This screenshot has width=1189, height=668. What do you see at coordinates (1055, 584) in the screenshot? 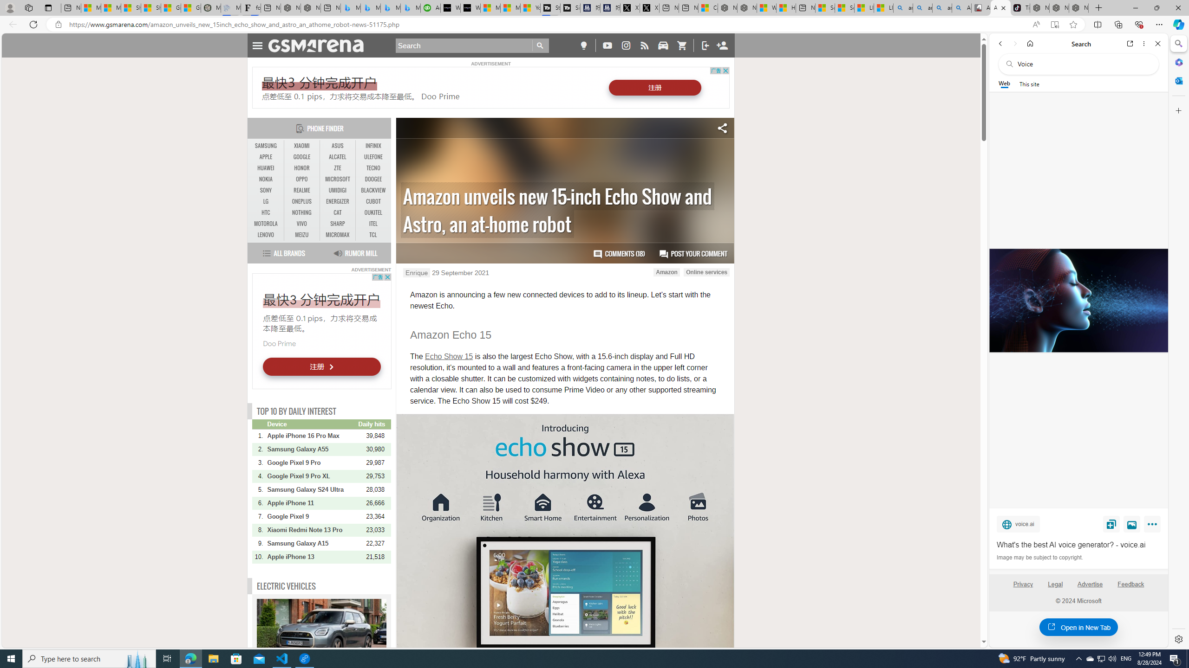
I see `'Legal'` at bounding box center [1055, 584].